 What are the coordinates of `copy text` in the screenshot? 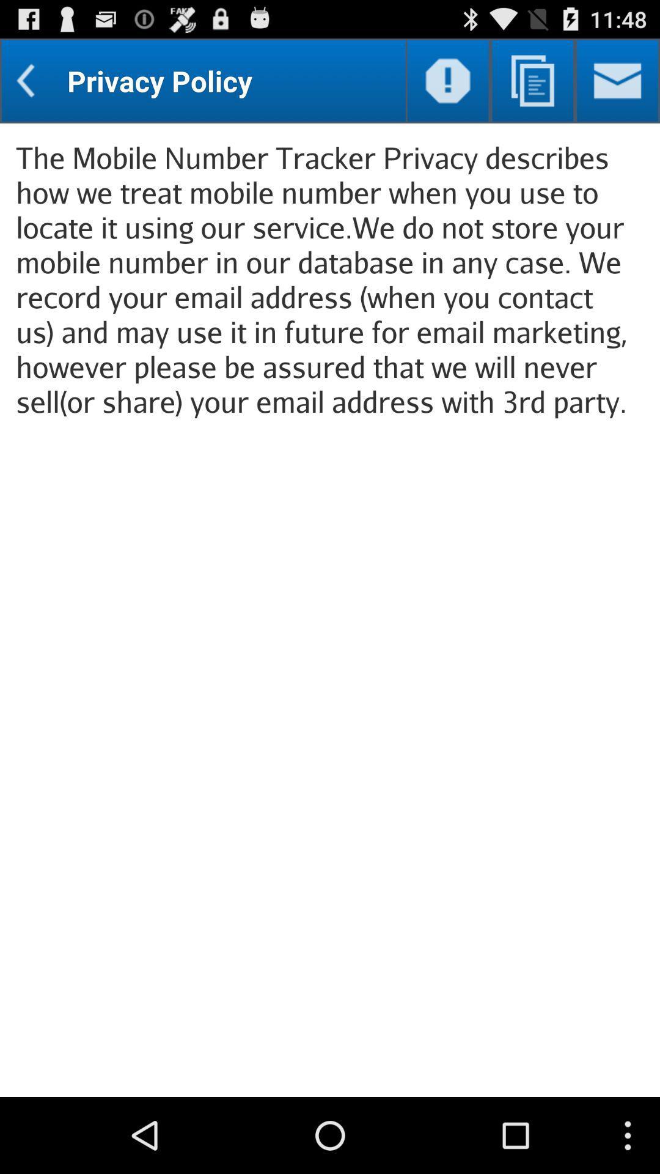 It's located at (532, 80).